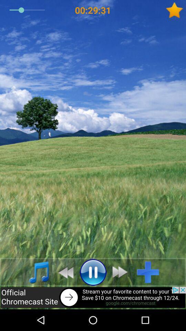 This screenshot has width=186, height=331. I want to click on the pause icon, so click(93, 272).